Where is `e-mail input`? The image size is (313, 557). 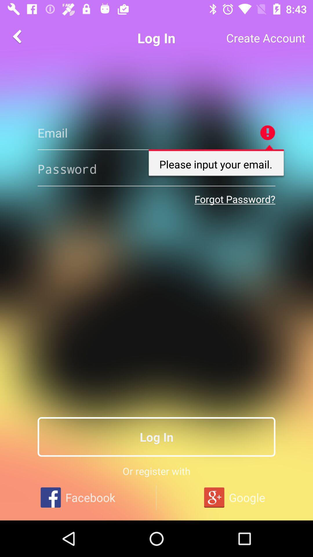
e-mail input is located at coordinates (156, 132).